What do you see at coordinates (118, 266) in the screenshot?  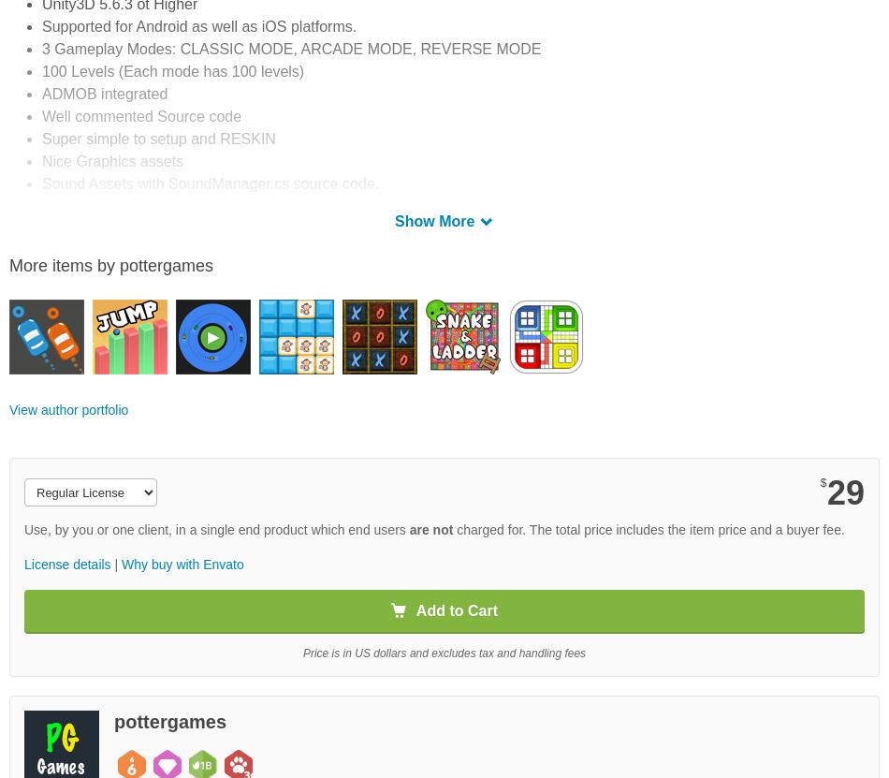 I see `'1.) Open Unity3D 5.6.3 or Higher'` at bounding box center [118, 266].